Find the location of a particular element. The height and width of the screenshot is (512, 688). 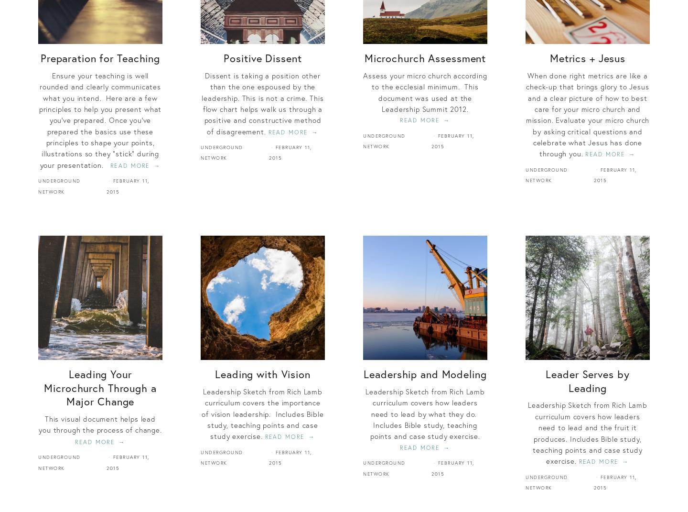

'Leading Your Microchurch Through a Major Change' is located at coordinates (44, 387).